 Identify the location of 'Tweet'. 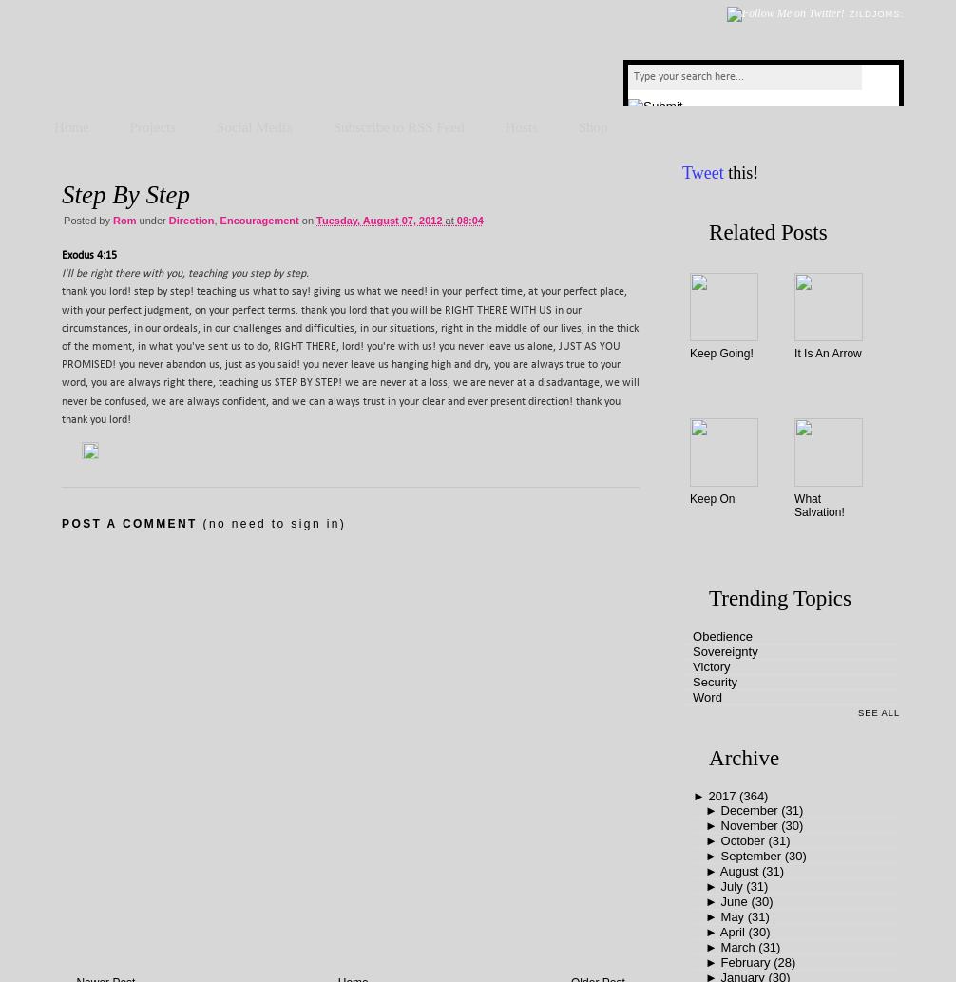
(702, 172).